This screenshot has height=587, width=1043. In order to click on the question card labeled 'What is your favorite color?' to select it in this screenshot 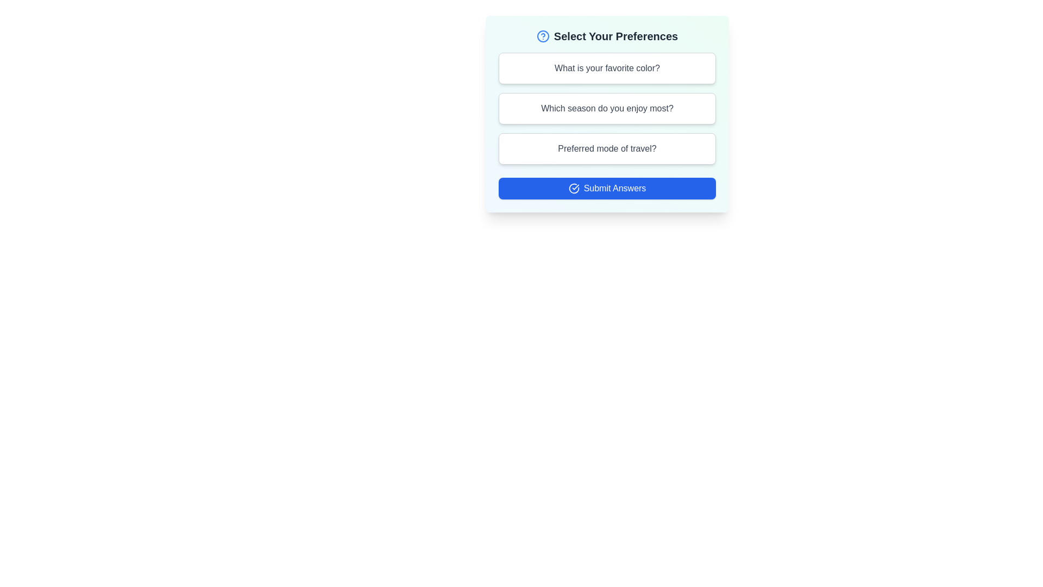, I will do `click(607, 68)`.